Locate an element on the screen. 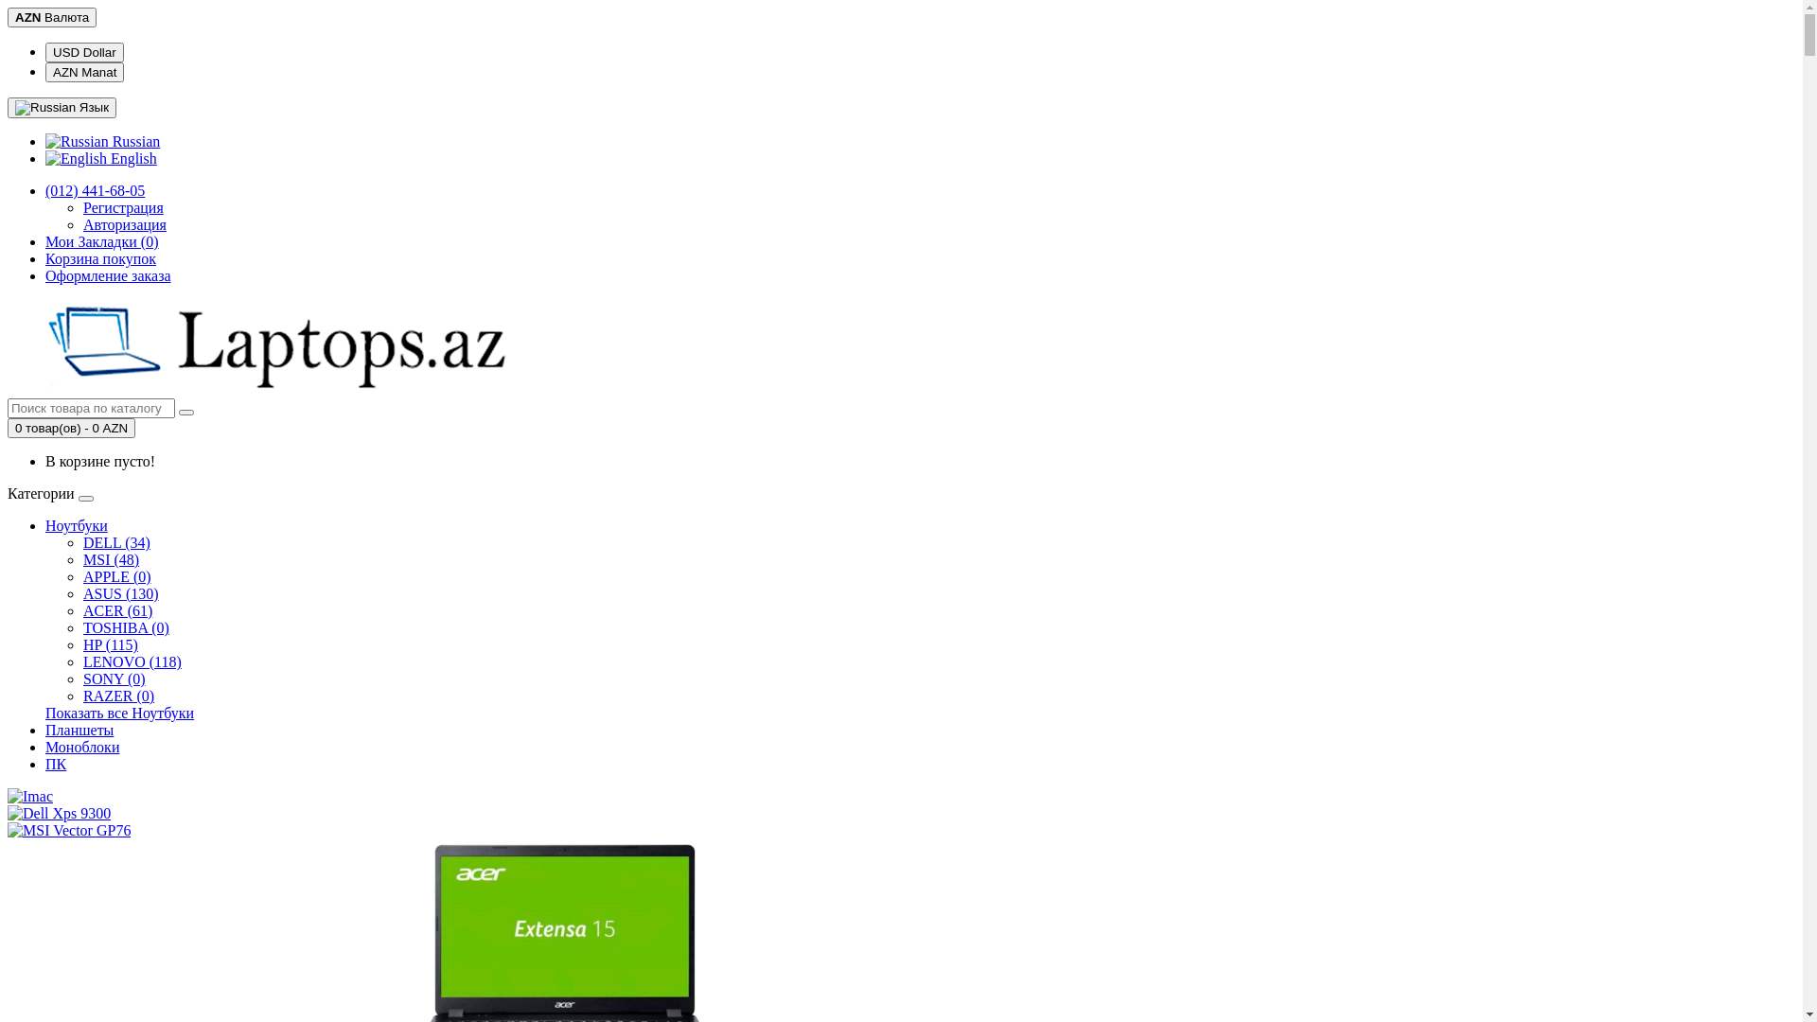 This screenshot has width=1817, height=1022. 'English' is located at coordinates (99, 157).